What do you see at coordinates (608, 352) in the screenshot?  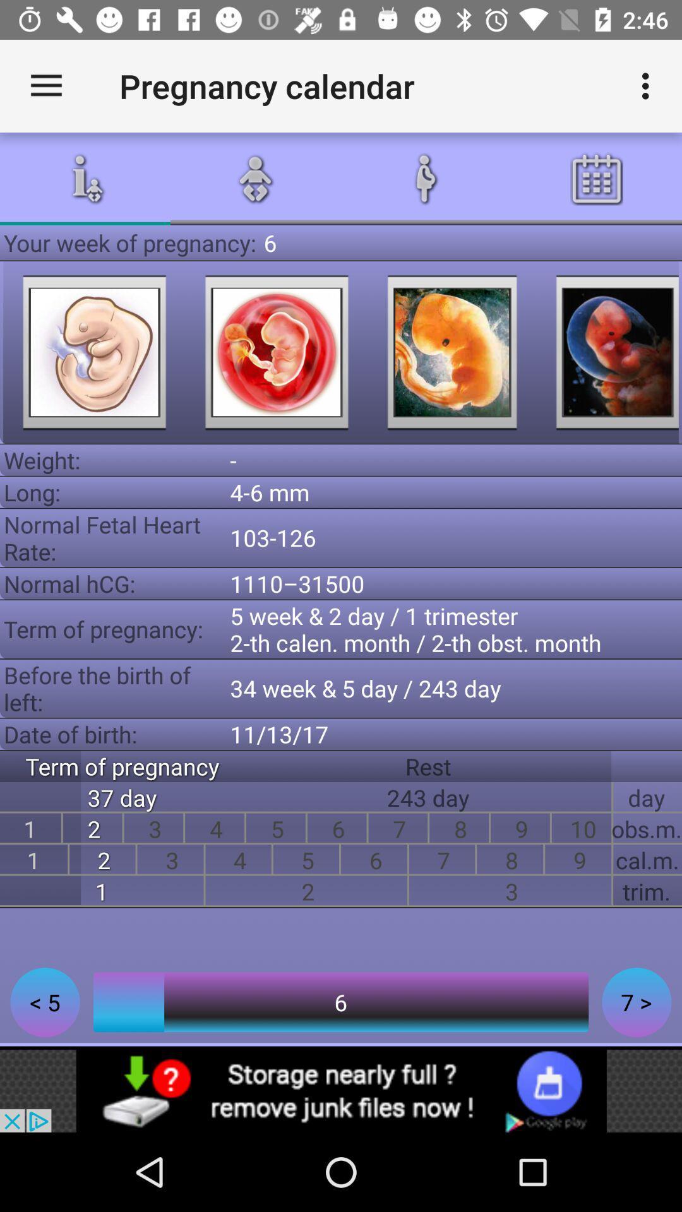 I see `show the development of the fetus` at bounding box center [608, 352].